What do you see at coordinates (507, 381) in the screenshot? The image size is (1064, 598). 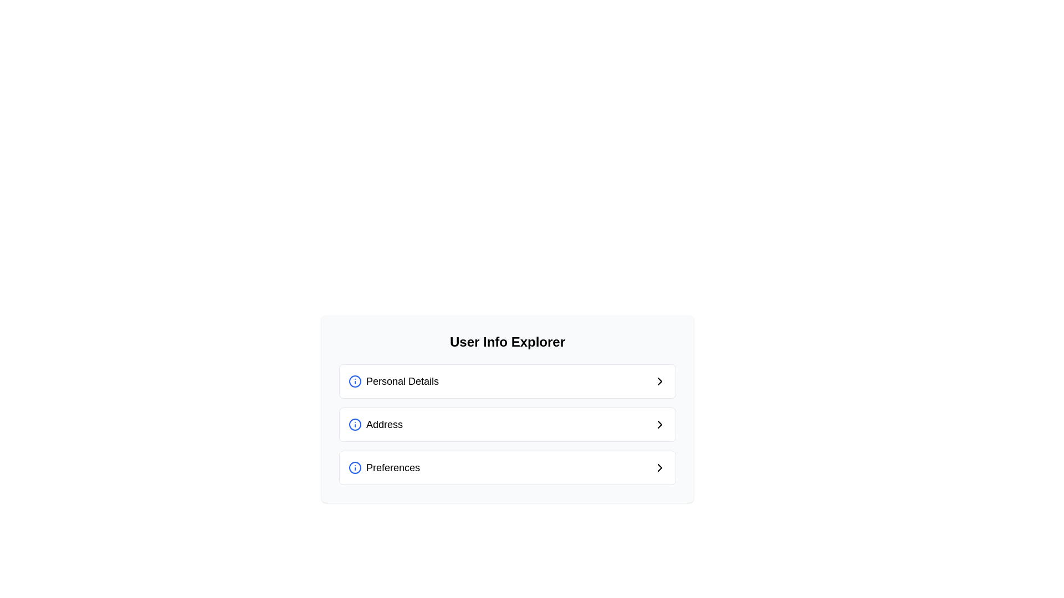 I see `the first selectable option in the menu for navigating to 'Personal Details'` at bounding box center [507, 381].